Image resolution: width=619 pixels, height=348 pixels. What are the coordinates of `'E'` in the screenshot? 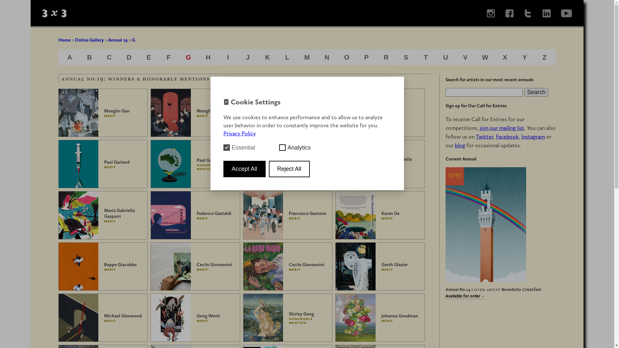 It's located at (146, 57).